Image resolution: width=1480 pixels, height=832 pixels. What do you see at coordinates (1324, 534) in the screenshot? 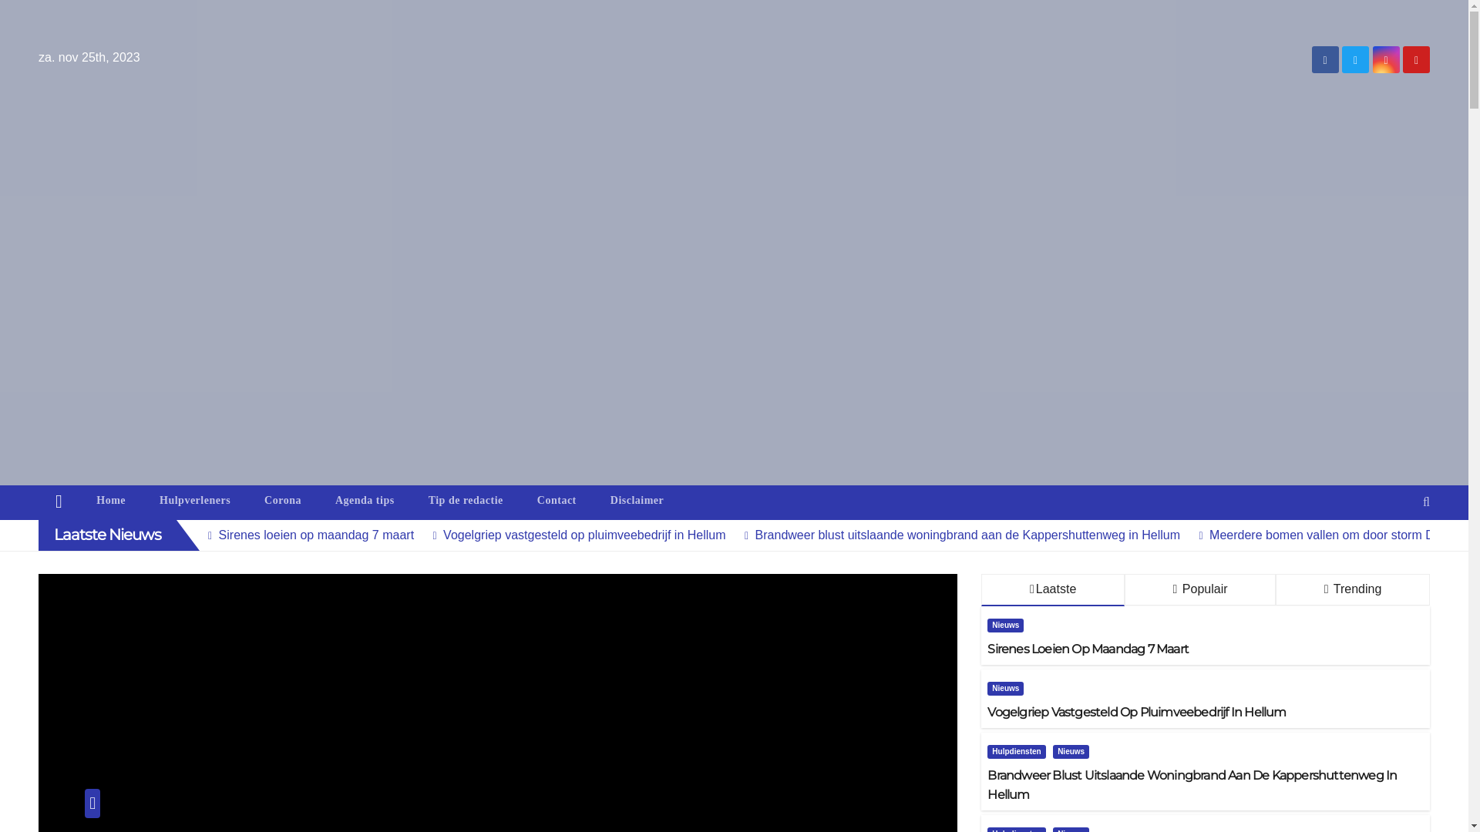
I see `'Meerdere bomen vallen om door storm Dudley'` at bounding box center [1324, 534].